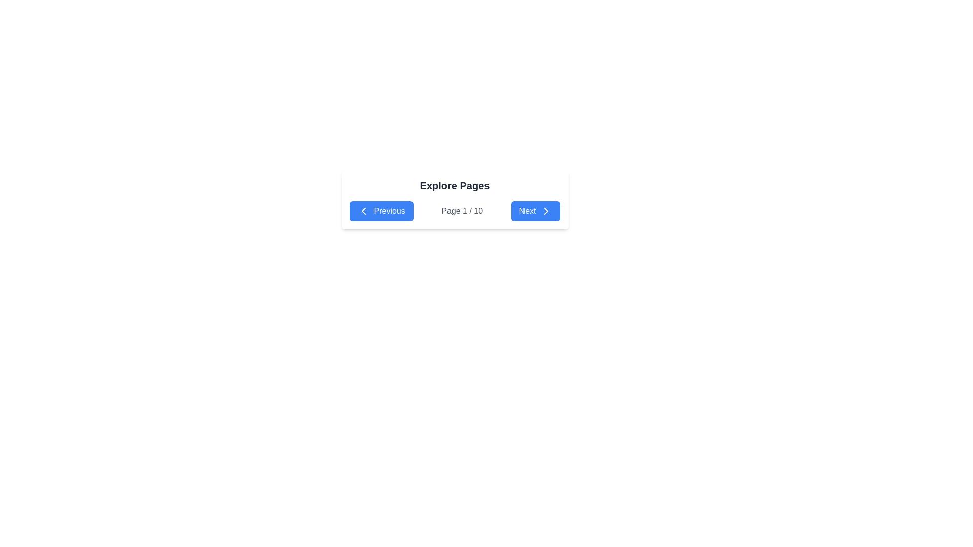 This screenshot has height=547, width=973. I want to click on the chevron-shaped icon within the blue 'Next' button, so click(545, 210).